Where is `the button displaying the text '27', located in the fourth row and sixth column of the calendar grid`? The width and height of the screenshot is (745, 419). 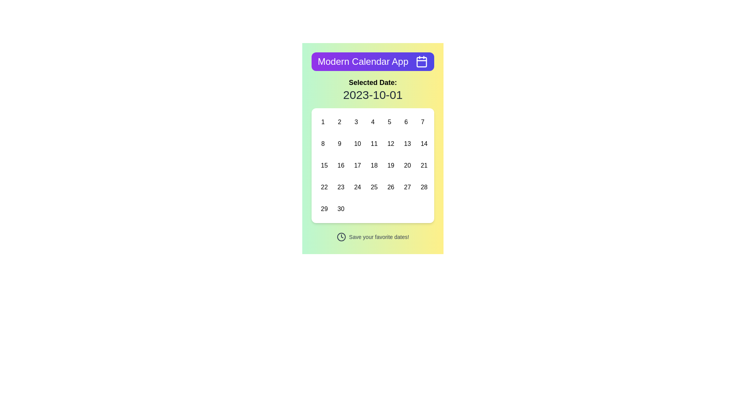
the button displaying the text '27', located in the fourth row and sixth column of the calendar grid is located at coordinates (405, 187).